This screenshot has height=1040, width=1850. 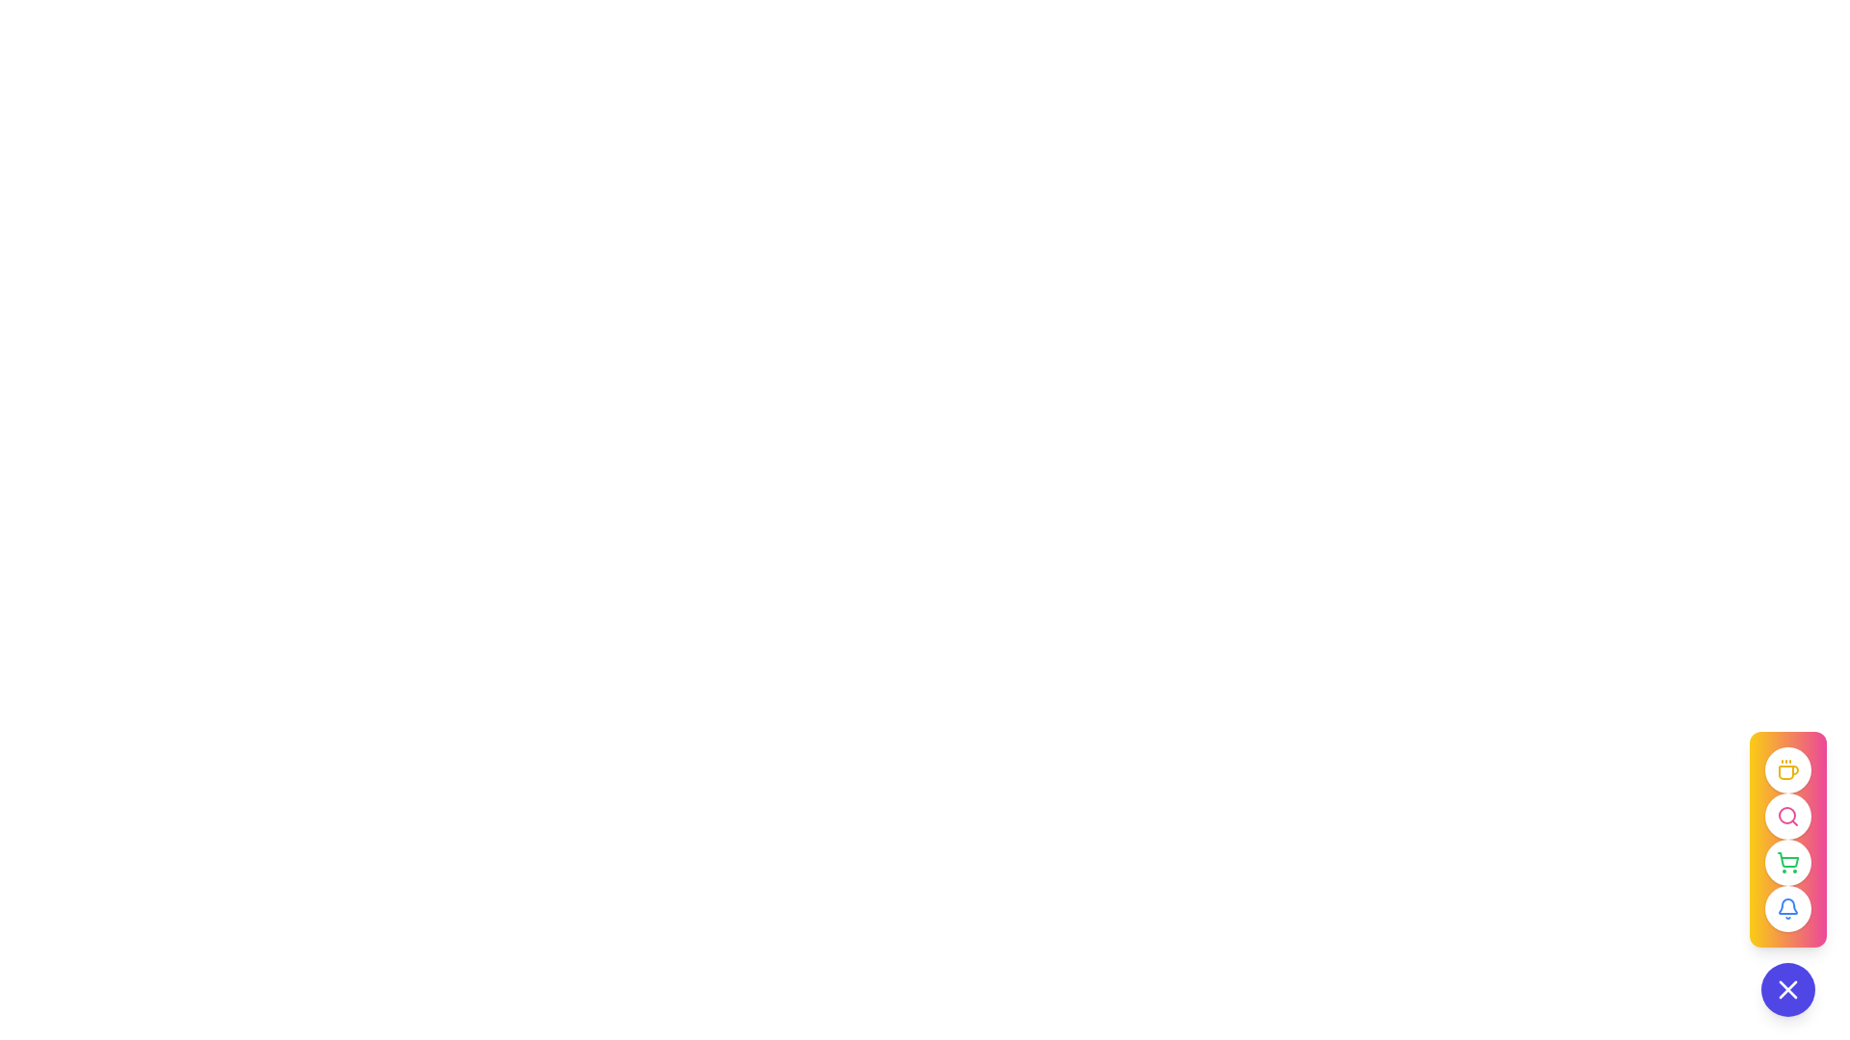 I want to click on the coffee mug icon button located at the top of the vertical stack in the colorful sidebar, so click(x=1787, y=768).